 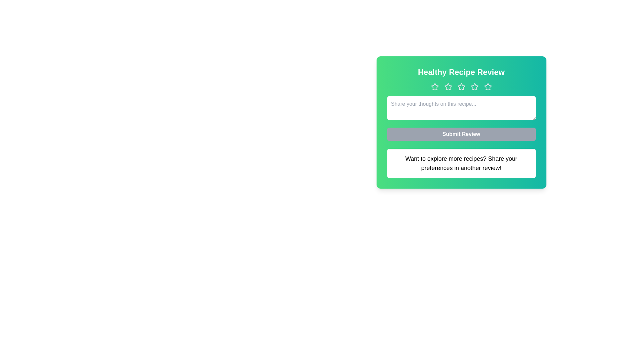 I want to click on the 'Submit Review' button, so click(x=461, y=134).